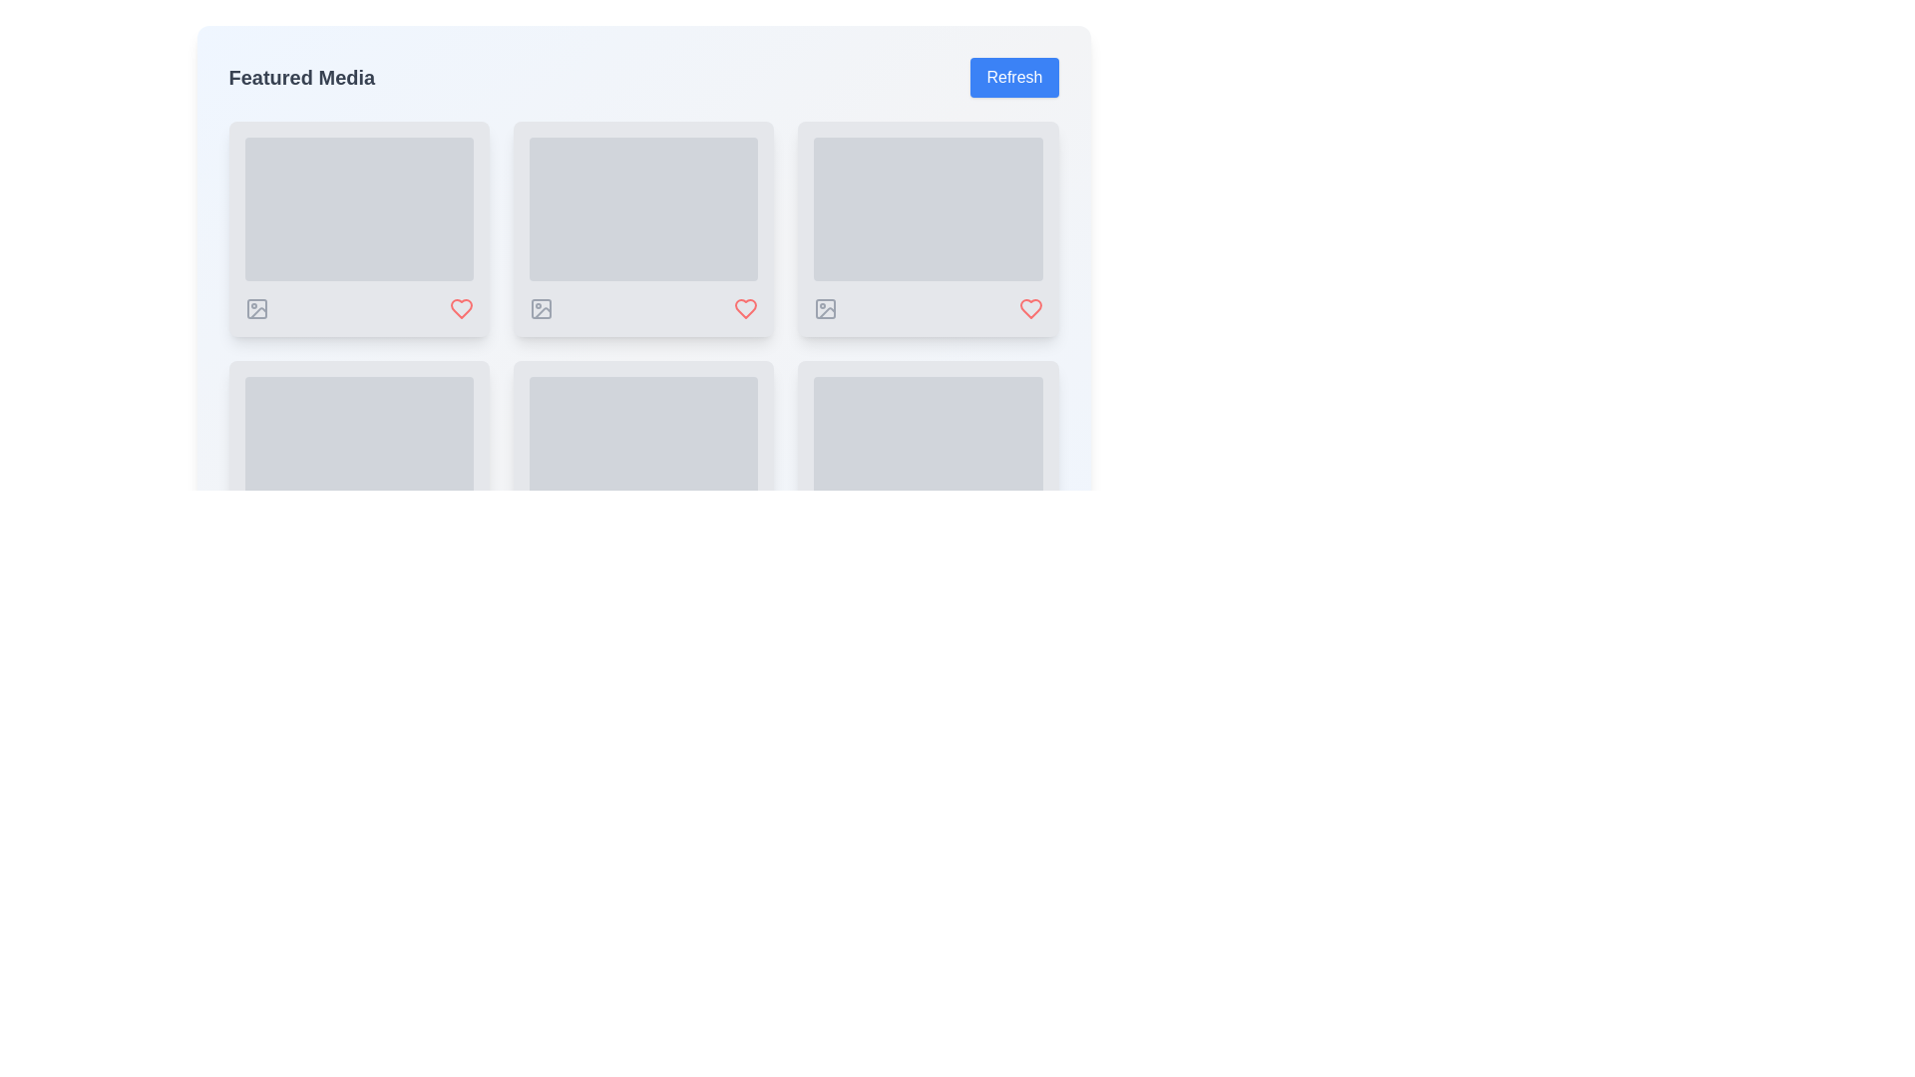 The width and height of the screenshot is (1915, 1077). Describe the element at coordinates (460, 308) in the screenshot. I see `the heart-shaped icon toggle button located below the second media box from the left` at that location.